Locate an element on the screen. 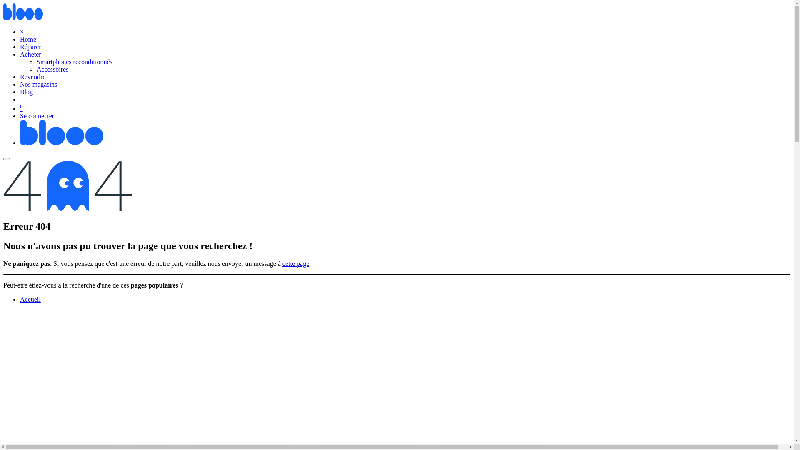 The image size is (800, 450). 'My Website' is located at coordinates (23, 17).